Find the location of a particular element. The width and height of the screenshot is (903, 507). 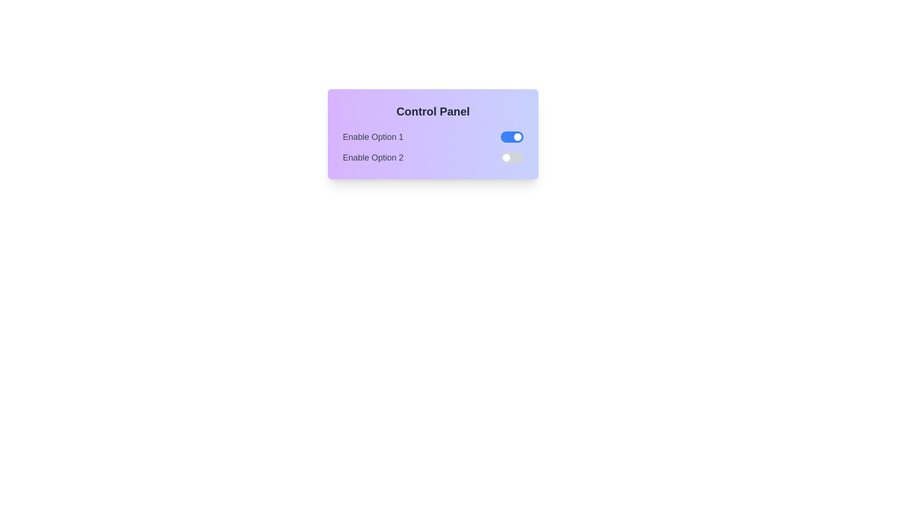

the blue rectangular toggle switch with rounded edges to change its state from 'on' to 'off' is located at coordinates (512, 137).